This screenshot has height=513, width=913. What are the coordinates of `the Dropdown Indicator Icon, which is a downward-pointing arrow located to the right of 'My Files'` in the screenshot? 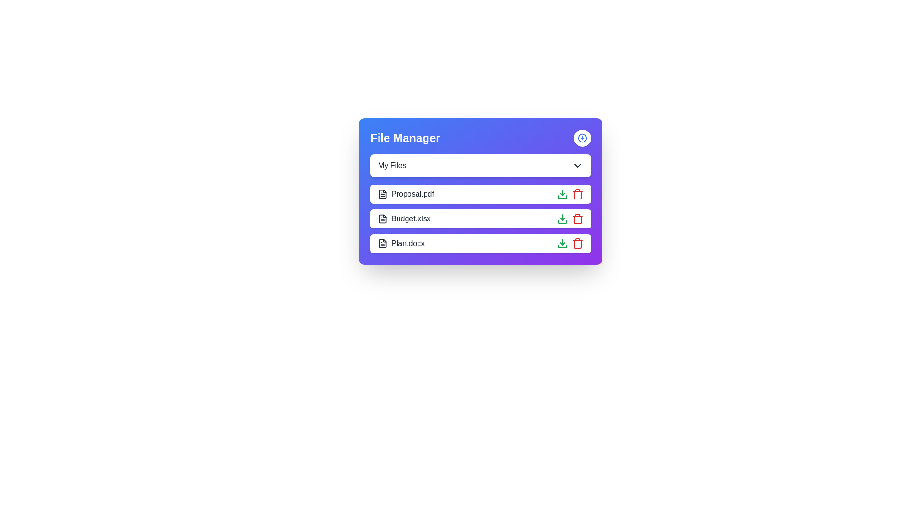 It's located at (577, 165).